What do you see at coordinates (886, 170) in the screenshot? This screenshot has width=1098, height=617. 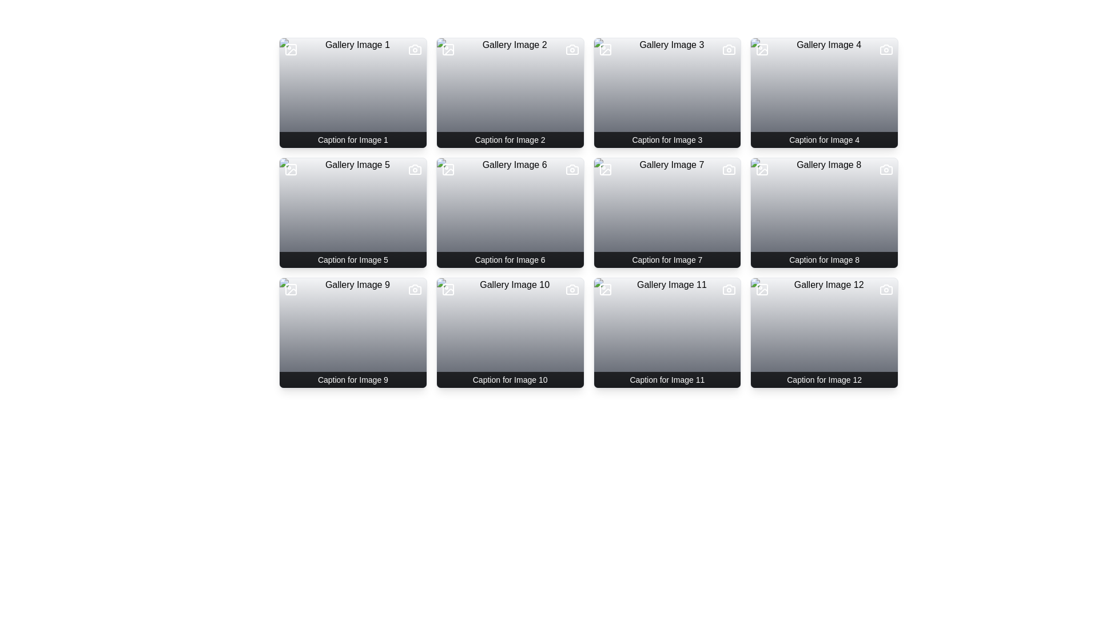 I see `the Icon element located in the top-right corner of the tile labeled 'Gallery Image 8', which represents camera or image functionalities` at bounding box center [886, 170].